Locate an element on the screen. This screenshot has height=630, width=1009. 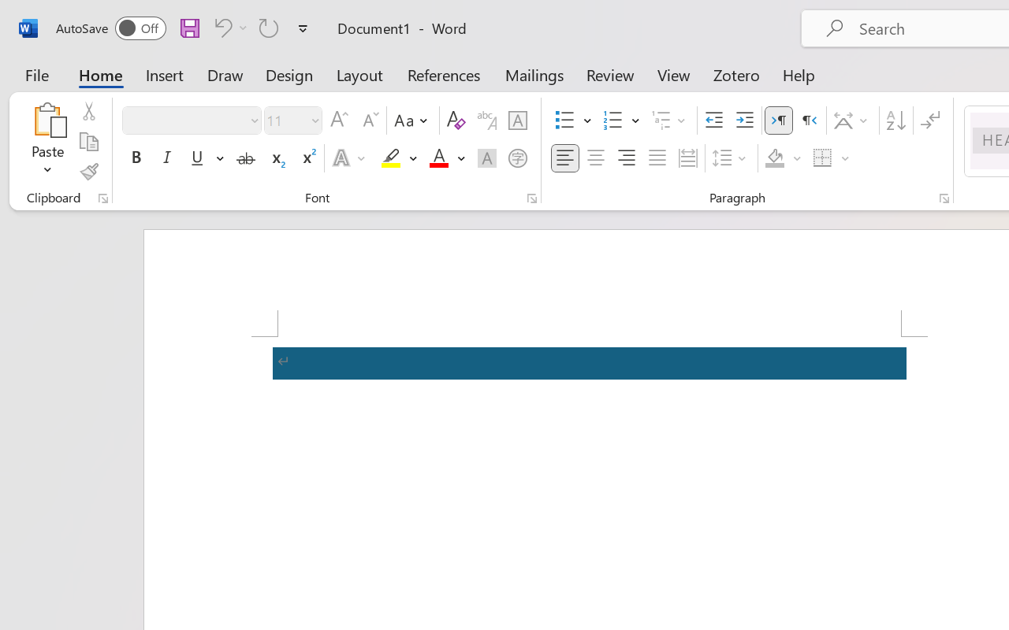
'Shading No Color' is located at coordinates (775, 158).